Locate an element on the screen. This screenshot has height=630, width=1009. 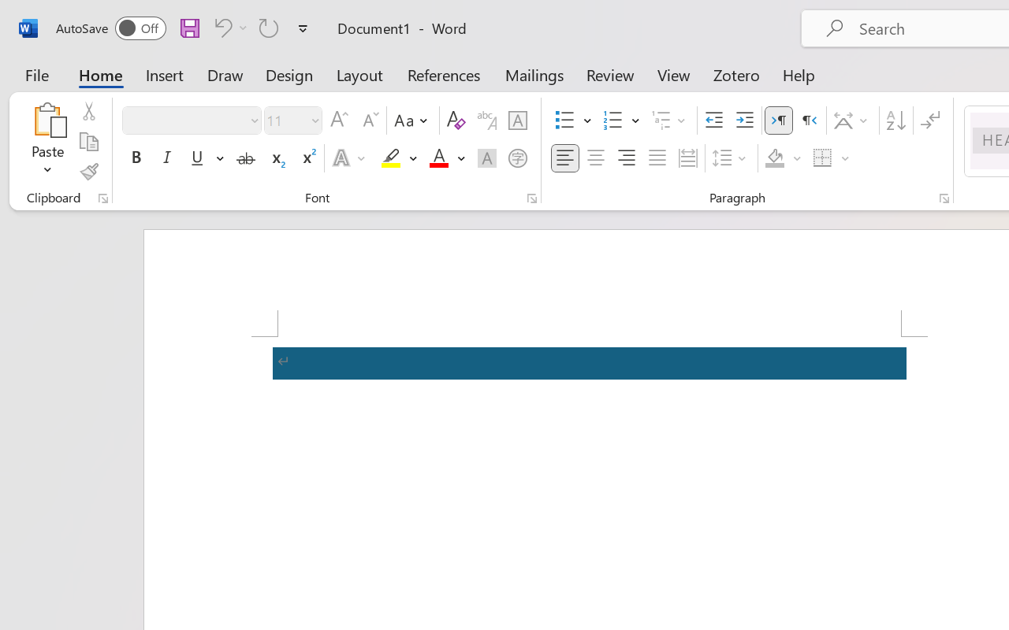
'Shading No Color' is located at coordinates (775, 158).